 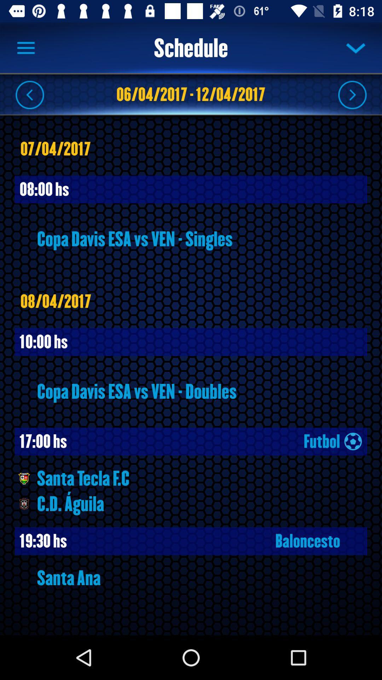 I want to click on backward, so click(x=29, y=94).